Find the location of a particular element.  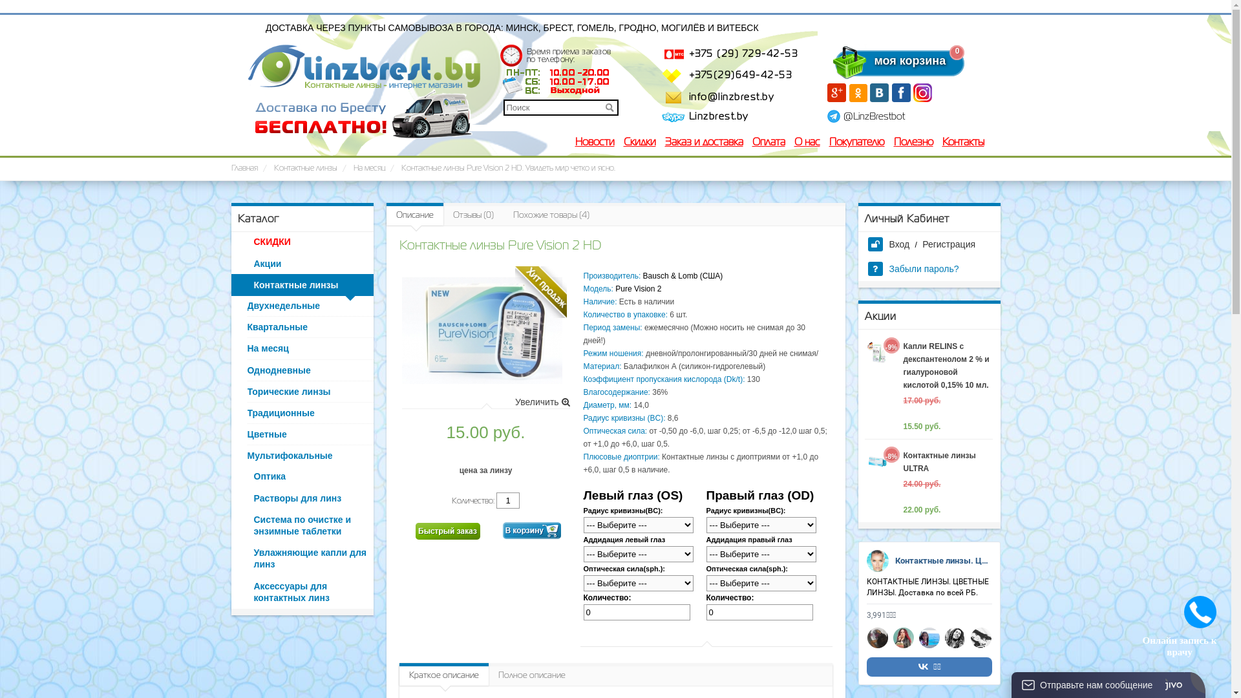

'@LinzBrestbot' is located at coordinates (873, 117).